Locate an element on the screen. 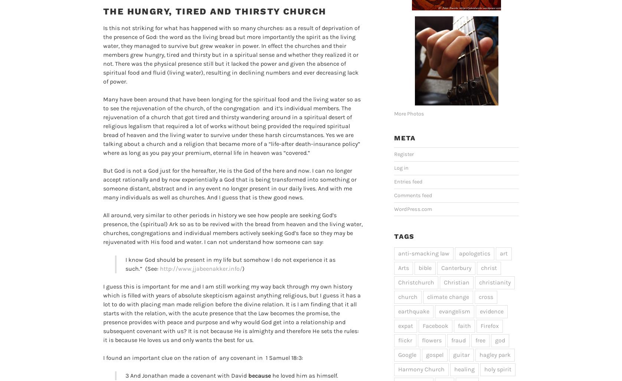  'because' is located at coordinates (259, 375).